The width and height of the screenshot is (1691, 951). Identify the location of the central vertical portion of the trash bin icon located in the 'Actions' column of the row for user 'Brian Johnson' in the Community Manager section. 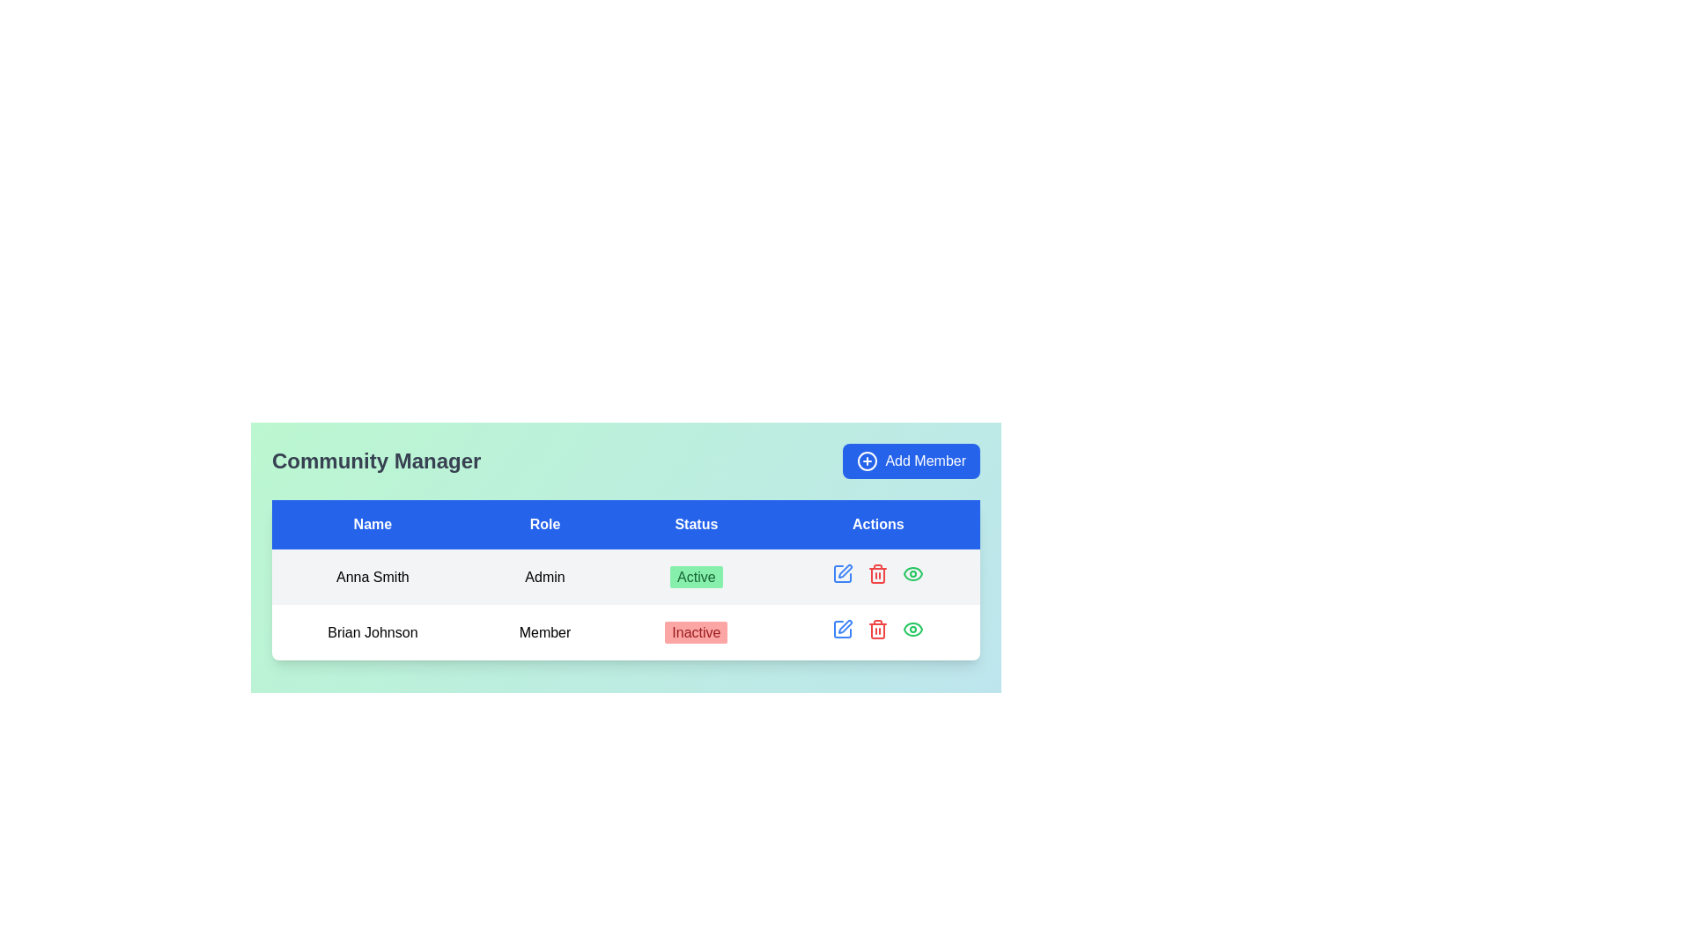
(878, 576).